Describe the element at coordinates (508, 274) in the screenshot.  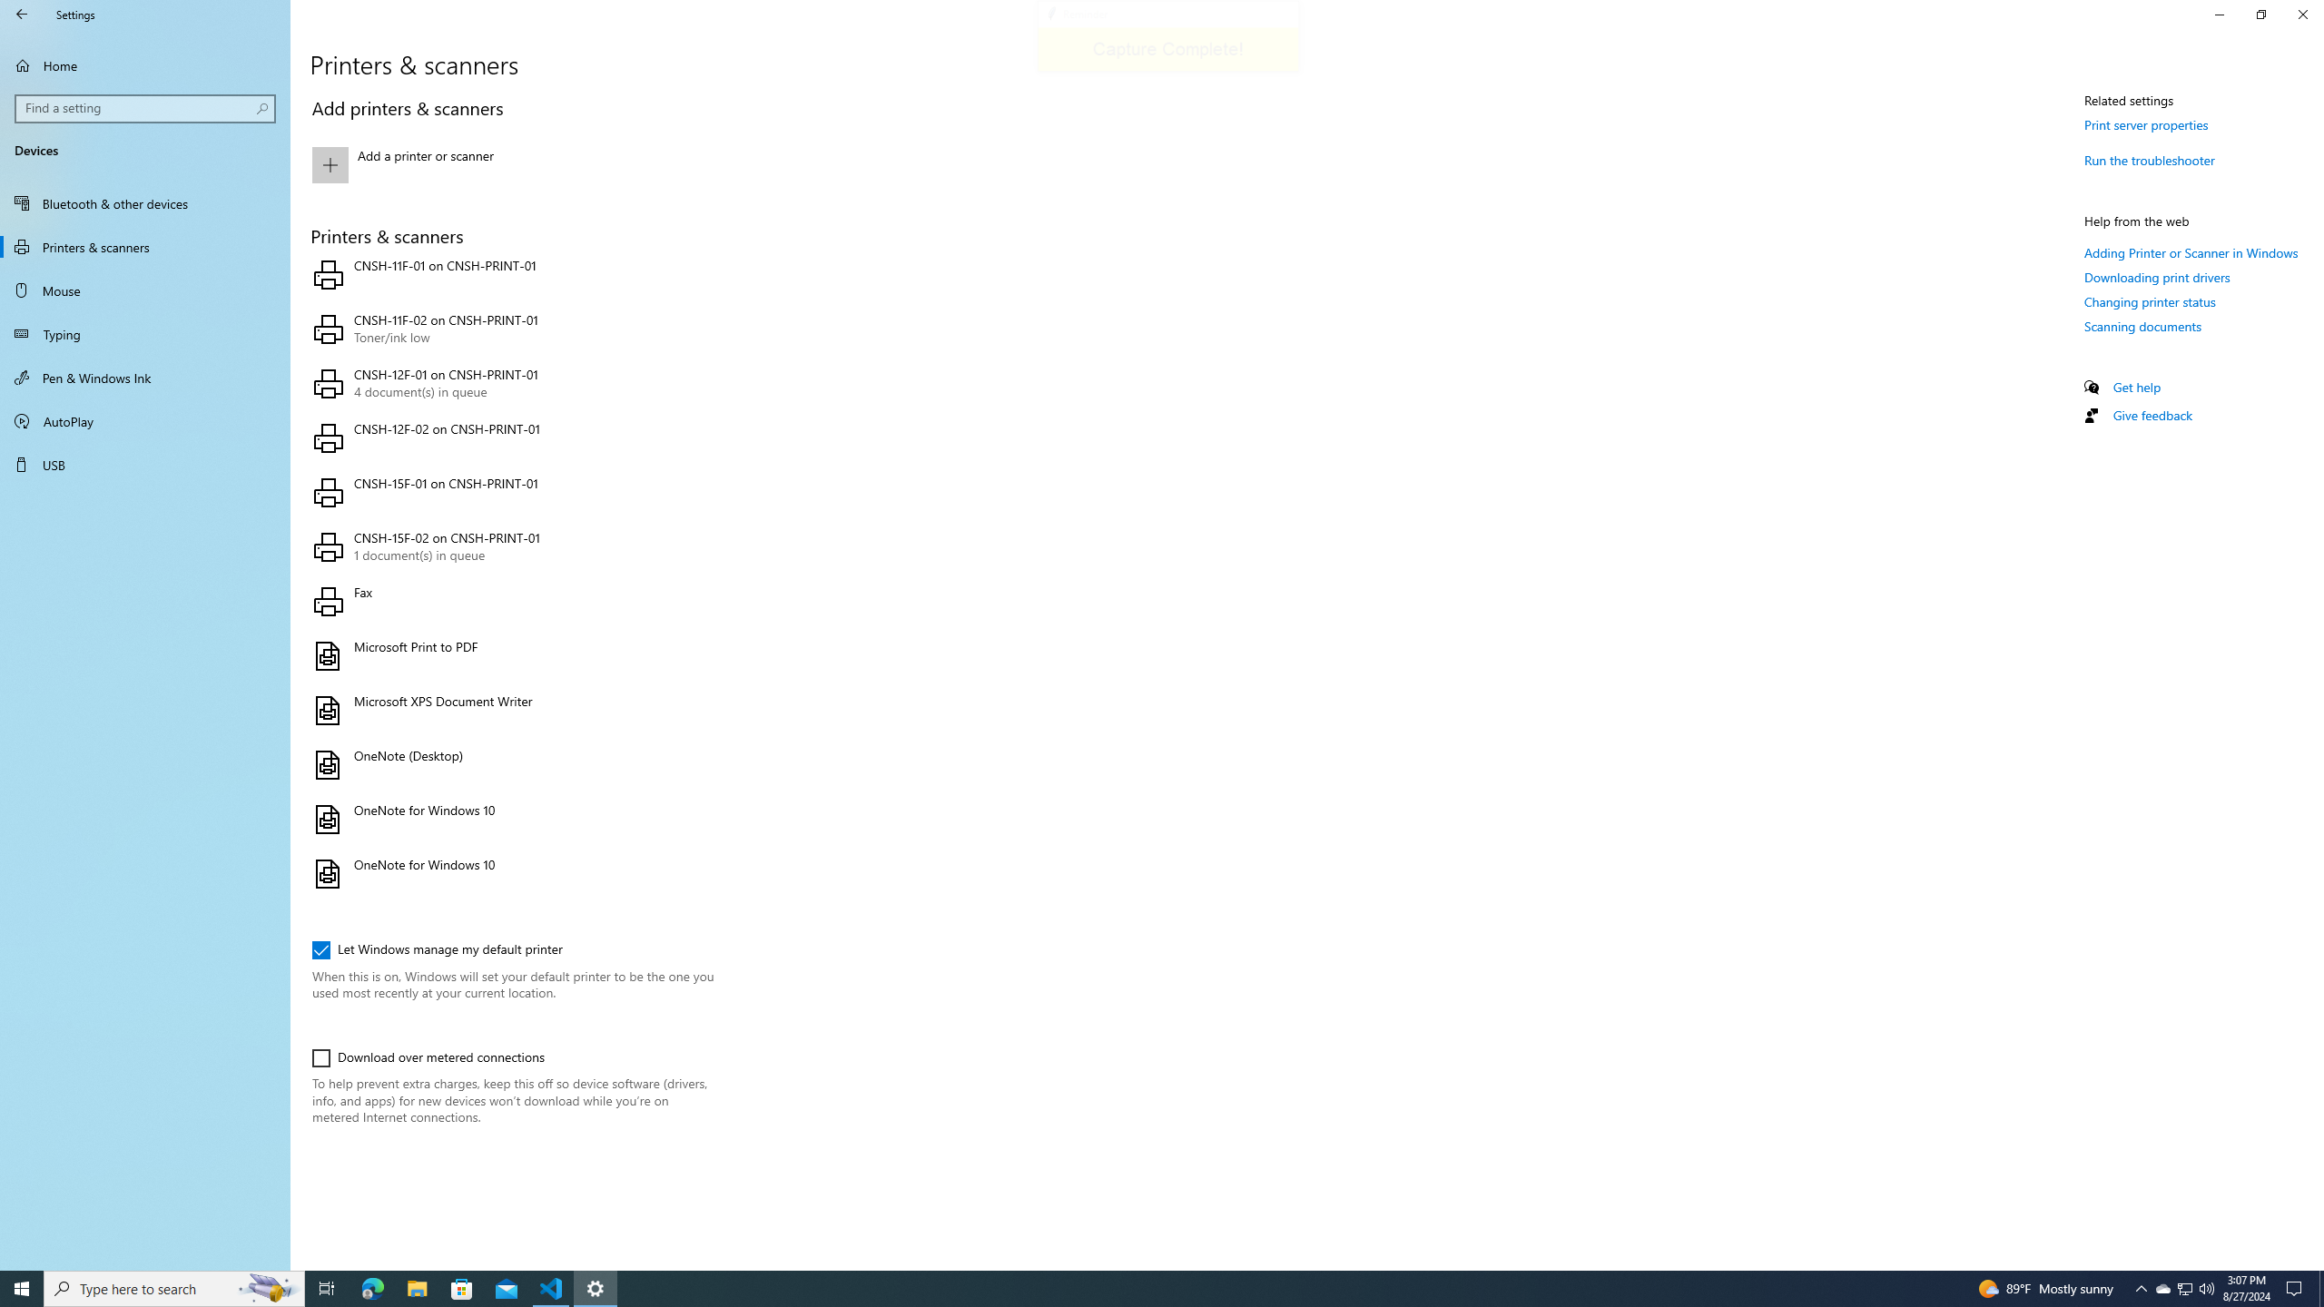
I see `'CNSH-11F-01 on CNSH-PRINT-01'` at that location.